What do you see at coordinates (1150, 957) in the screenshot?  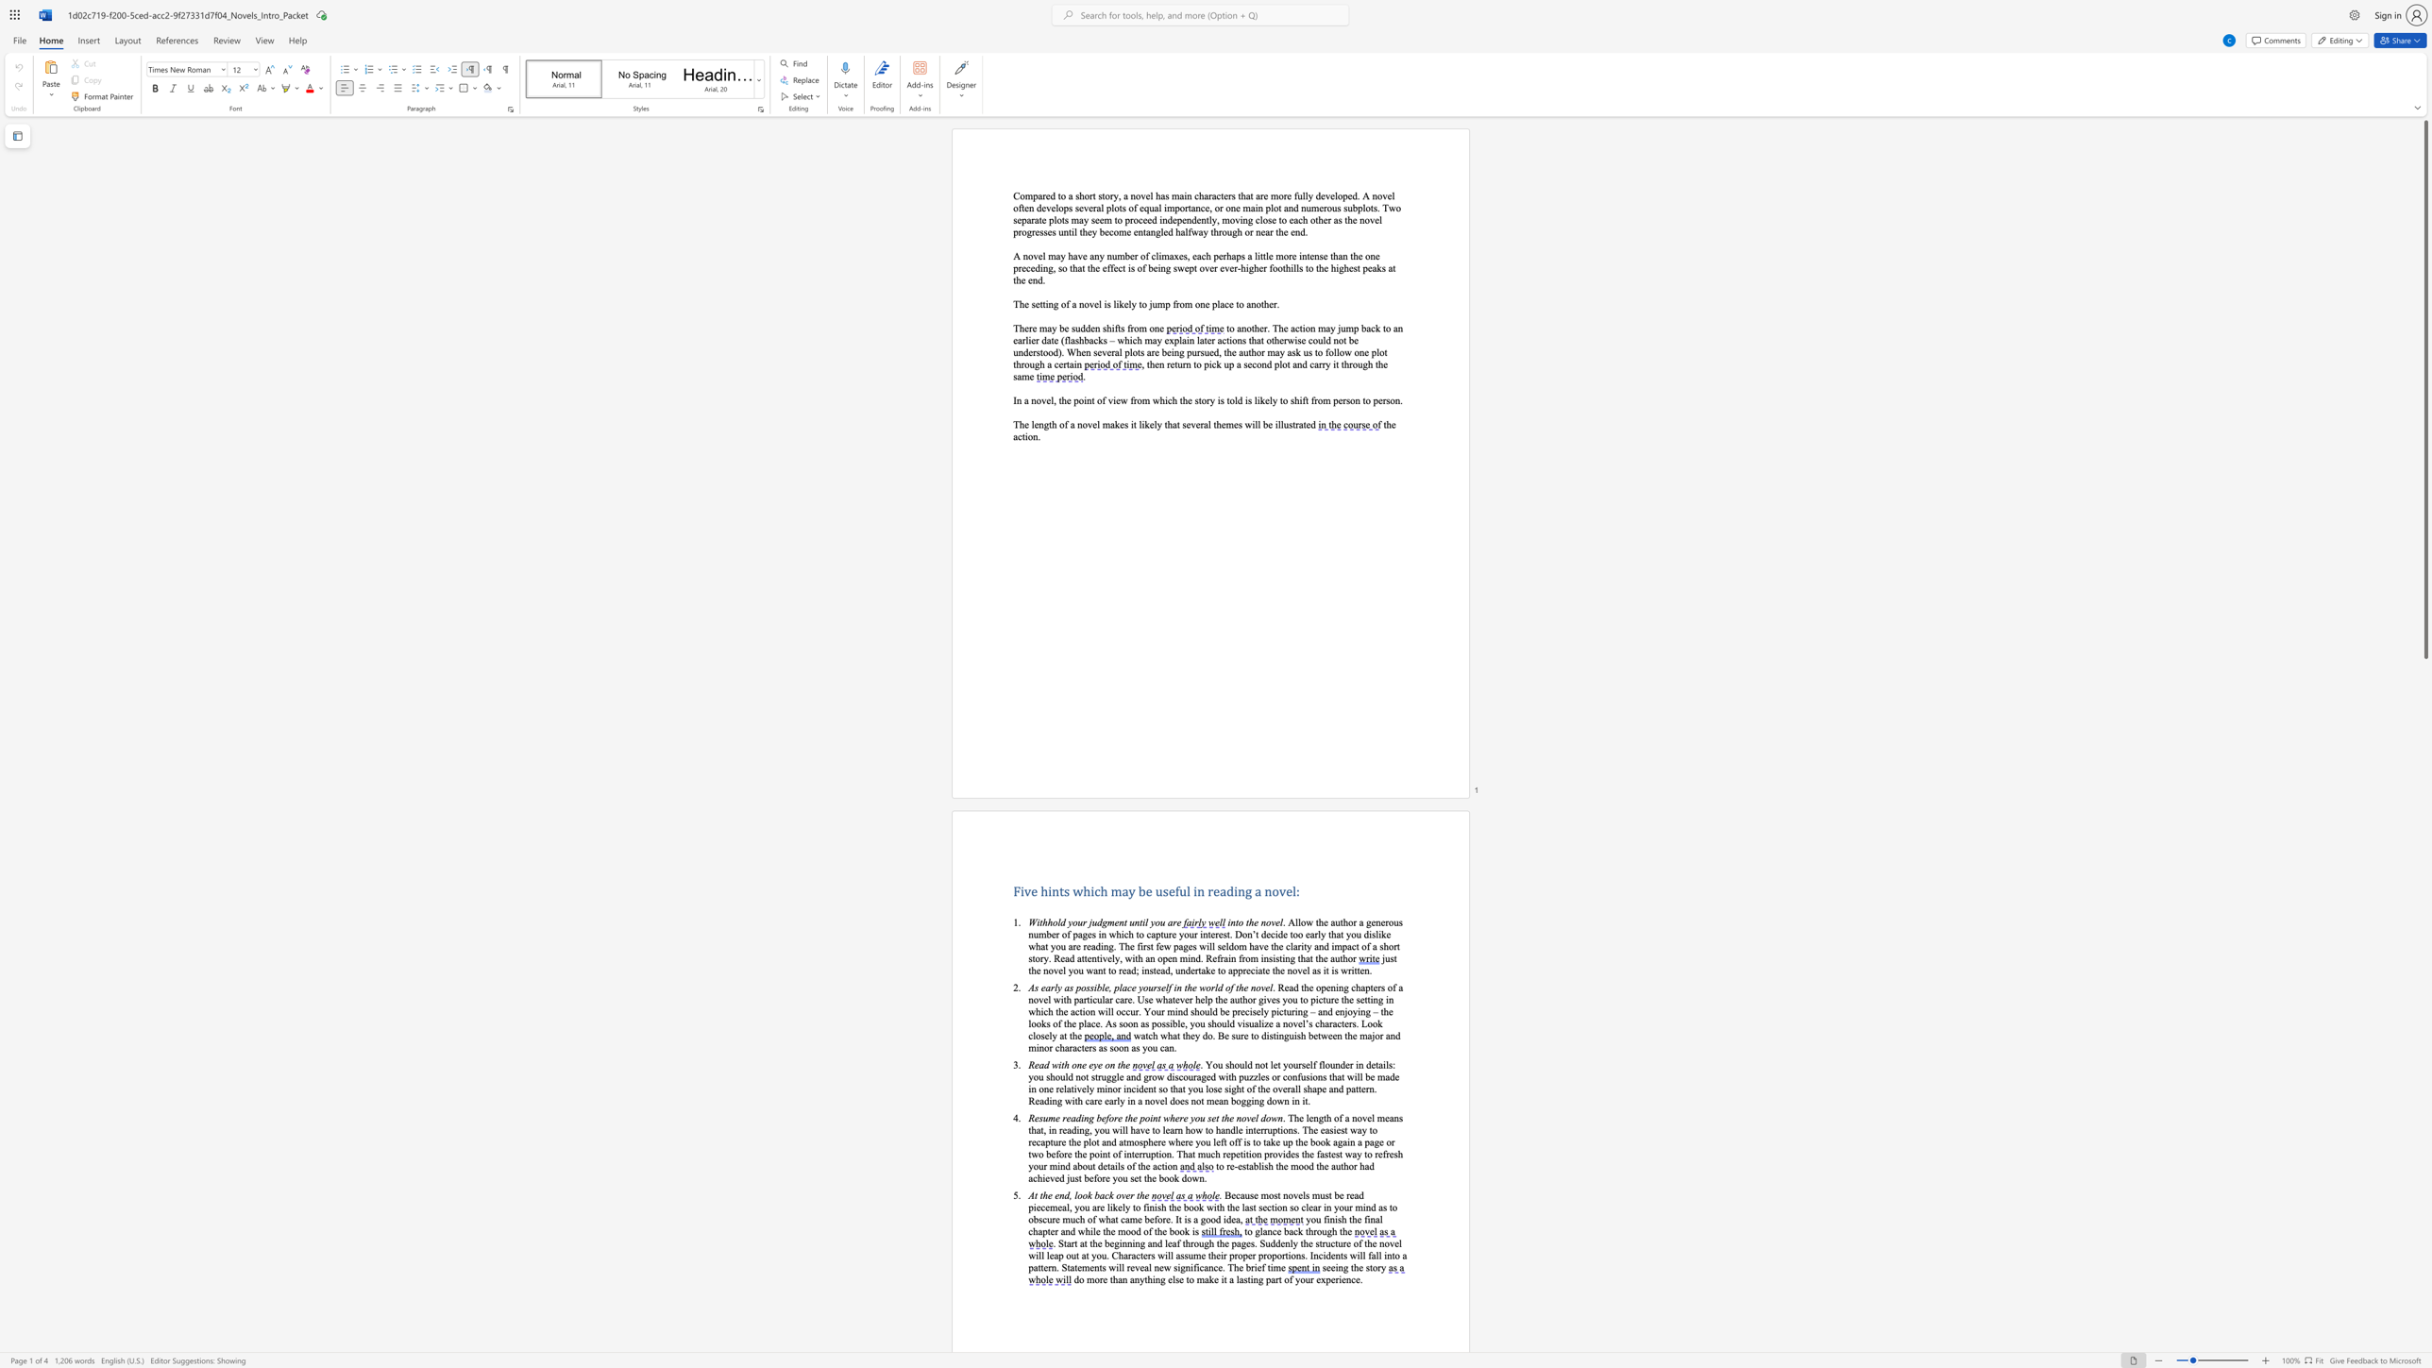 I see `the subset text "n open mind. Refrain f" within the text "decide too early that you dislike what you are reading. The first few pages will seldom have the clarity and impact of a short story. Read attentively, with an open mind. Refrain from insisting that the author"` at bounding box center [1150, 957].